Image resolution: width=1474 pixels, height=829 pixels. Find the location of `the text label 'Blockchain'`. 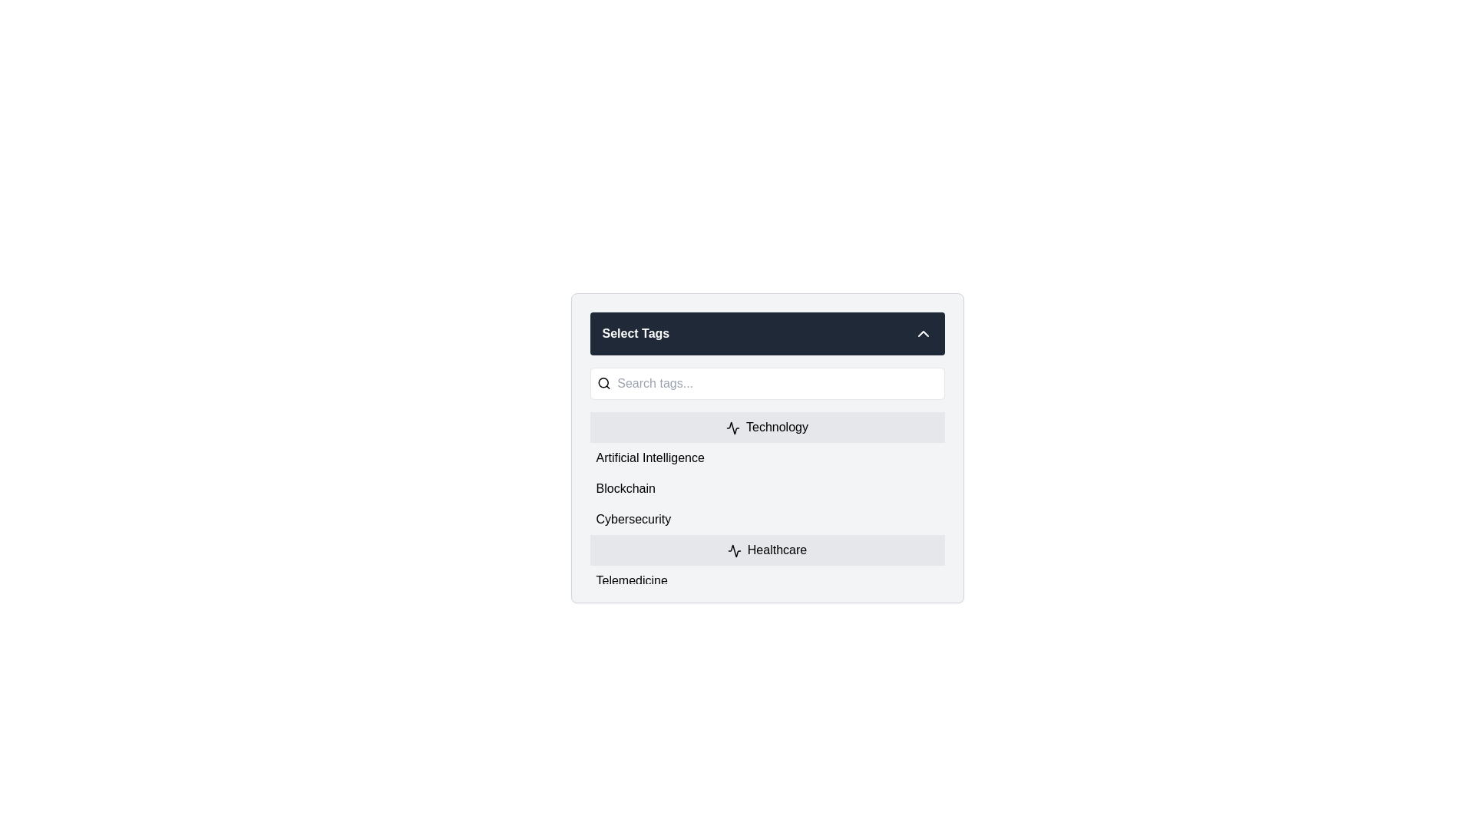

the text label 'Blockchain' is located at coordinates (626, 488).